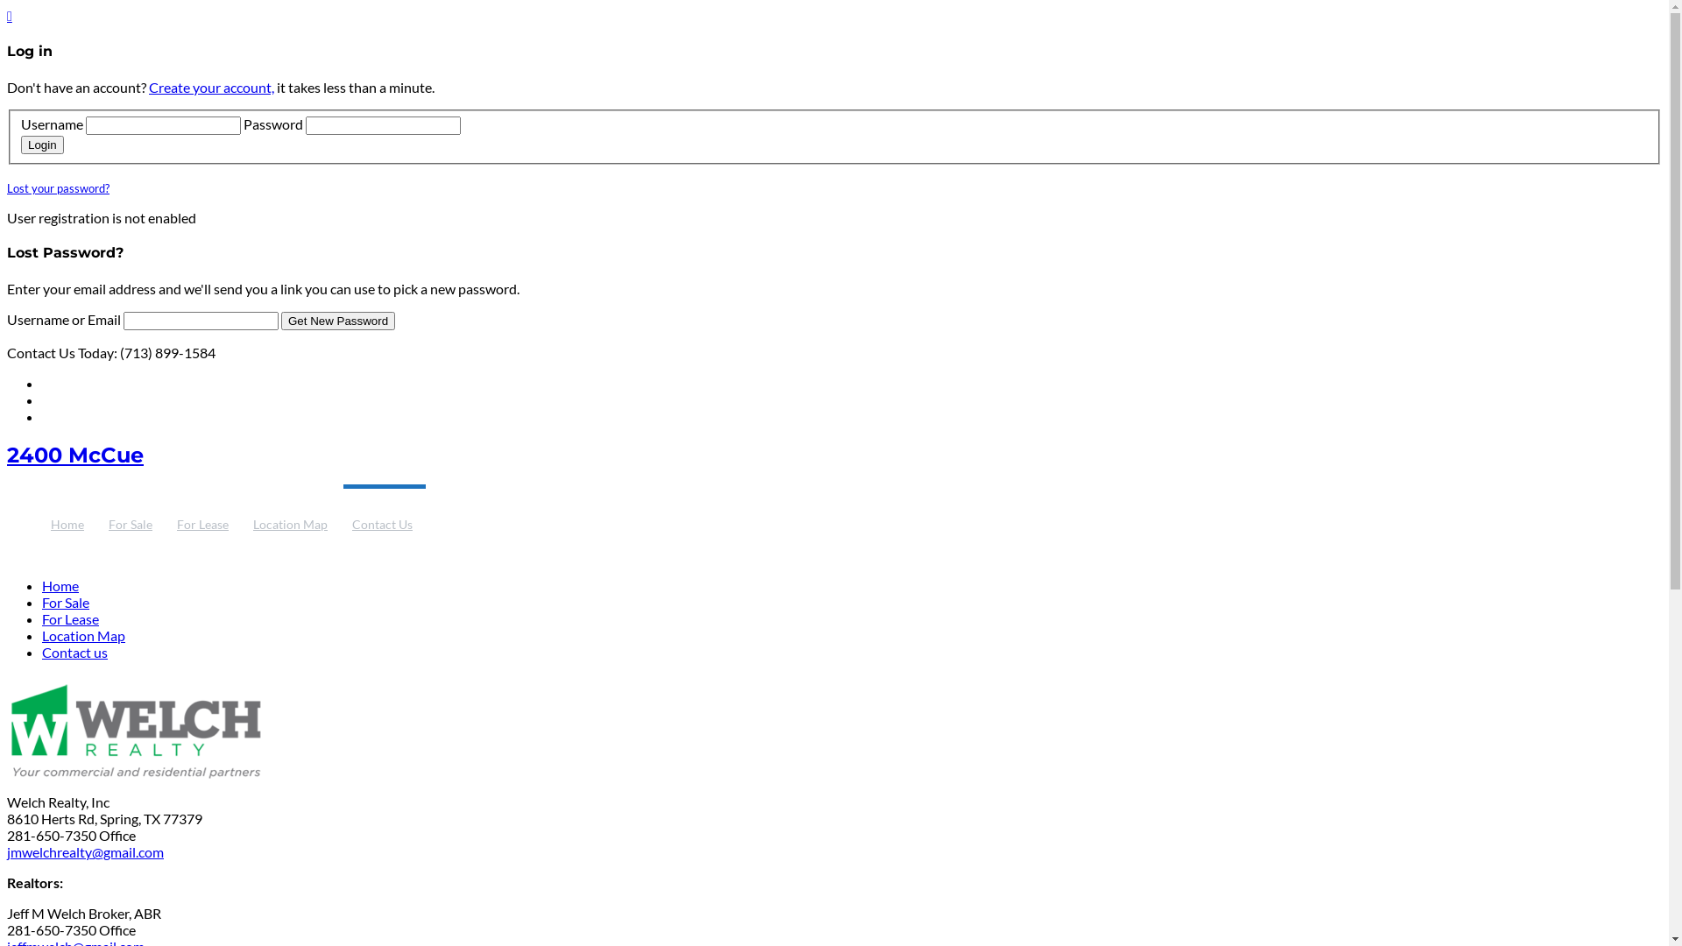 This screenshot has width=1682, height=946. I want to click on 'Login', so click(21, 144).